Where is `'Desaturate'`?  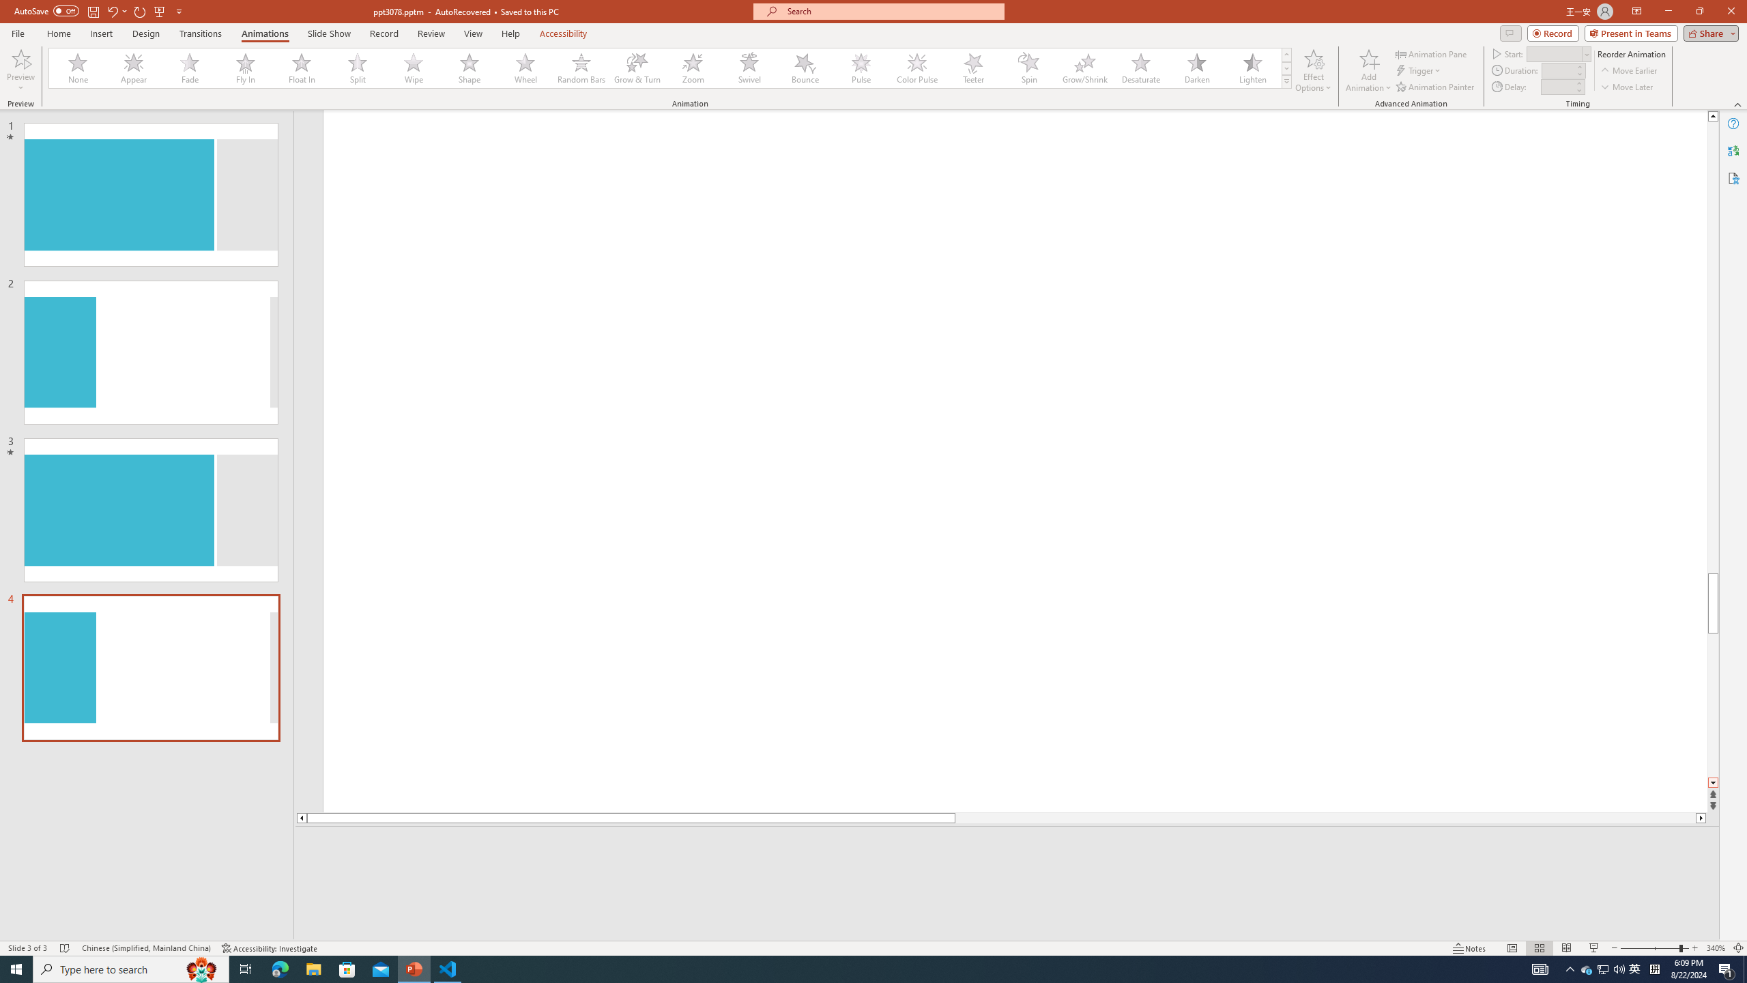 'Desaturate' is located at coordinates (1140, 68).